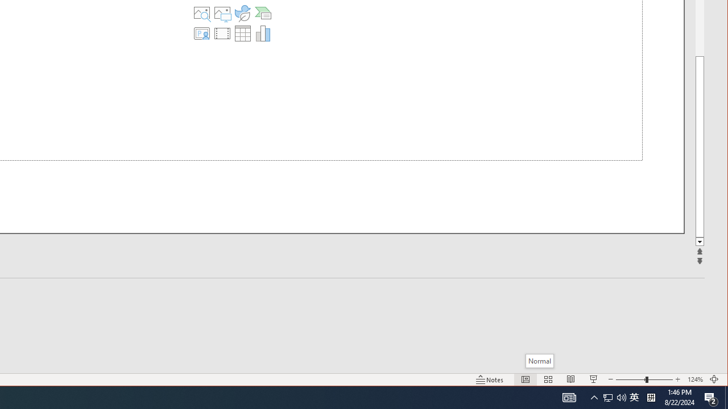 The image size is (728, 409). I want to click on 'Insert Table', so click(242, 33).